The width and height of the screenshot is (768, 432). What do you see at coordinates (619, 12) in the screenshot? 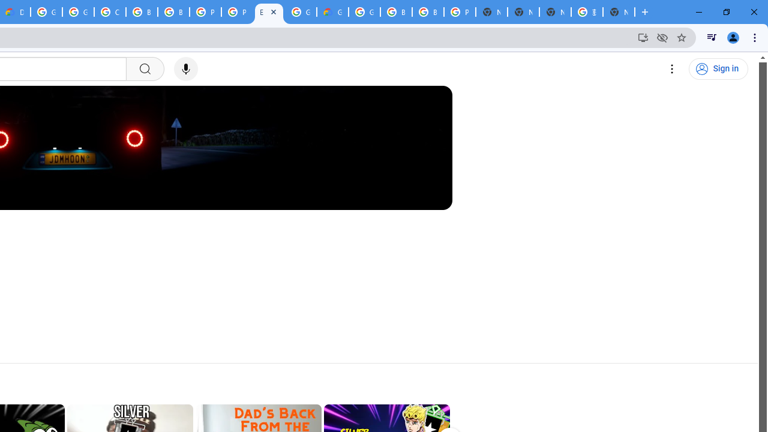
I see `'New Tab'` at bounding box center [619, 12].